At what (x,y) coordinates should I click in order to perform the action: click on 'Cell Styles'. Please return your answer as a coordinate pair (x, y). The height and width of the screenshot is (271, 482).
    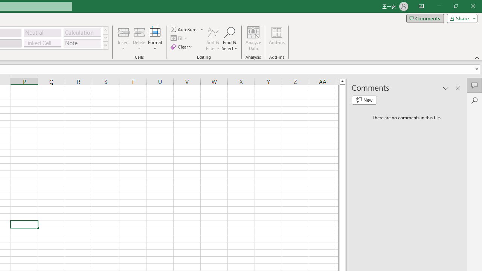
    Looking at the image, I should click on (105, 45).